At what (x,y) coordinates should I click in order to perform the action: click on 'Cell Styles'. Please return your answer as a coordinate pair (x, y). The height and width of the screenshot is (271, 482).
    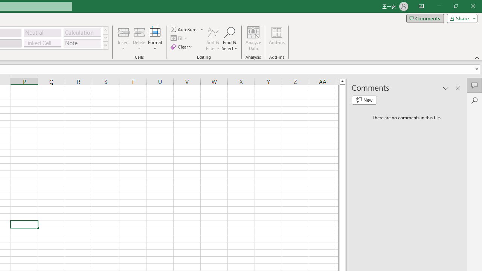
    Looking at the image, I should click on (105, 45).